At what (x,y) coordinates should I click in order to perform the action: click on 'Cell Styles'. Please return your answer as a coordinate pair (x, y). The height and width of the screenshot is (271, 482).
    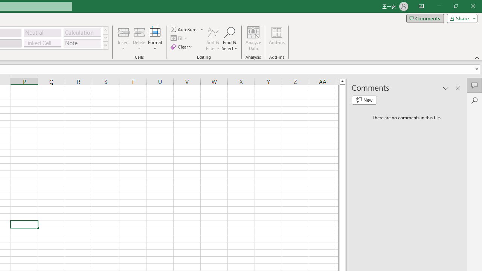
    Looking at the image, I should click on (105, 45).